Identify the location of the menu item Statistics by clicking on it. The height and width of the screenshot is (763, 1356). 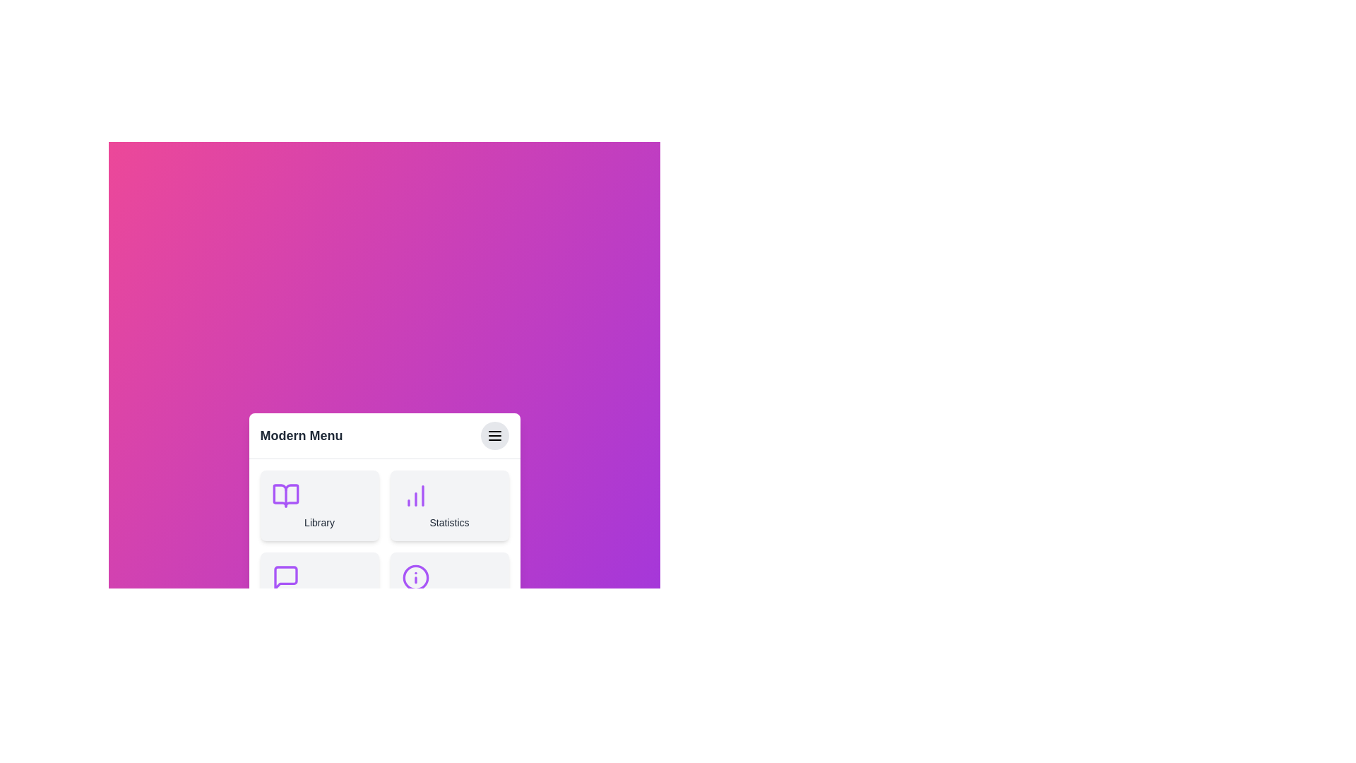
(448, 504).